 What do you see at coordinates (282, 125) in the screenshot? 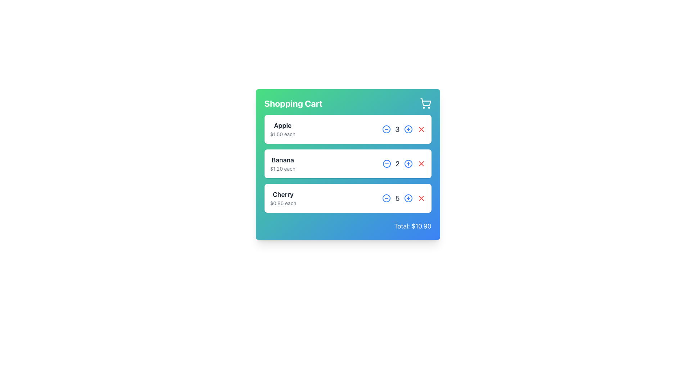
I see `text element displaying 'Apple' in bold, large font, located at the top of the item's entry in the shopping cart section to identify the product name` at bounding box center [282, 125].